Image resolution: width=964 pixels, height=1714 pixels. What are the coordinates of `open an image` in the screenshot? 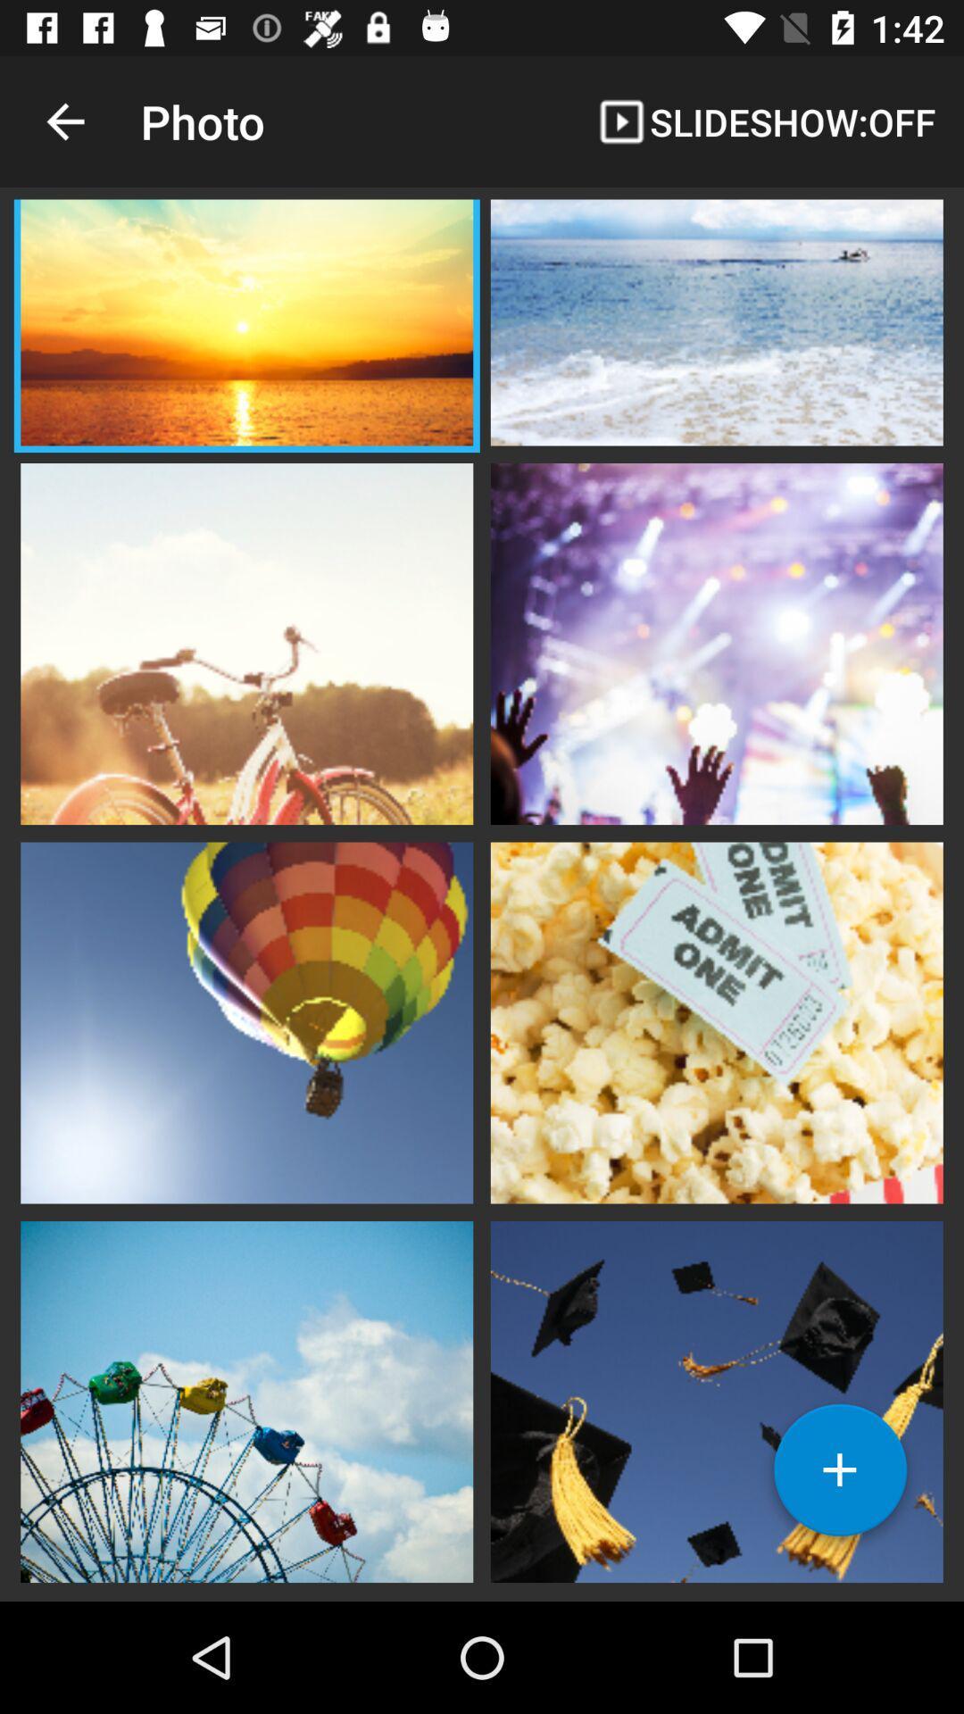 It's located at (716, 1020).